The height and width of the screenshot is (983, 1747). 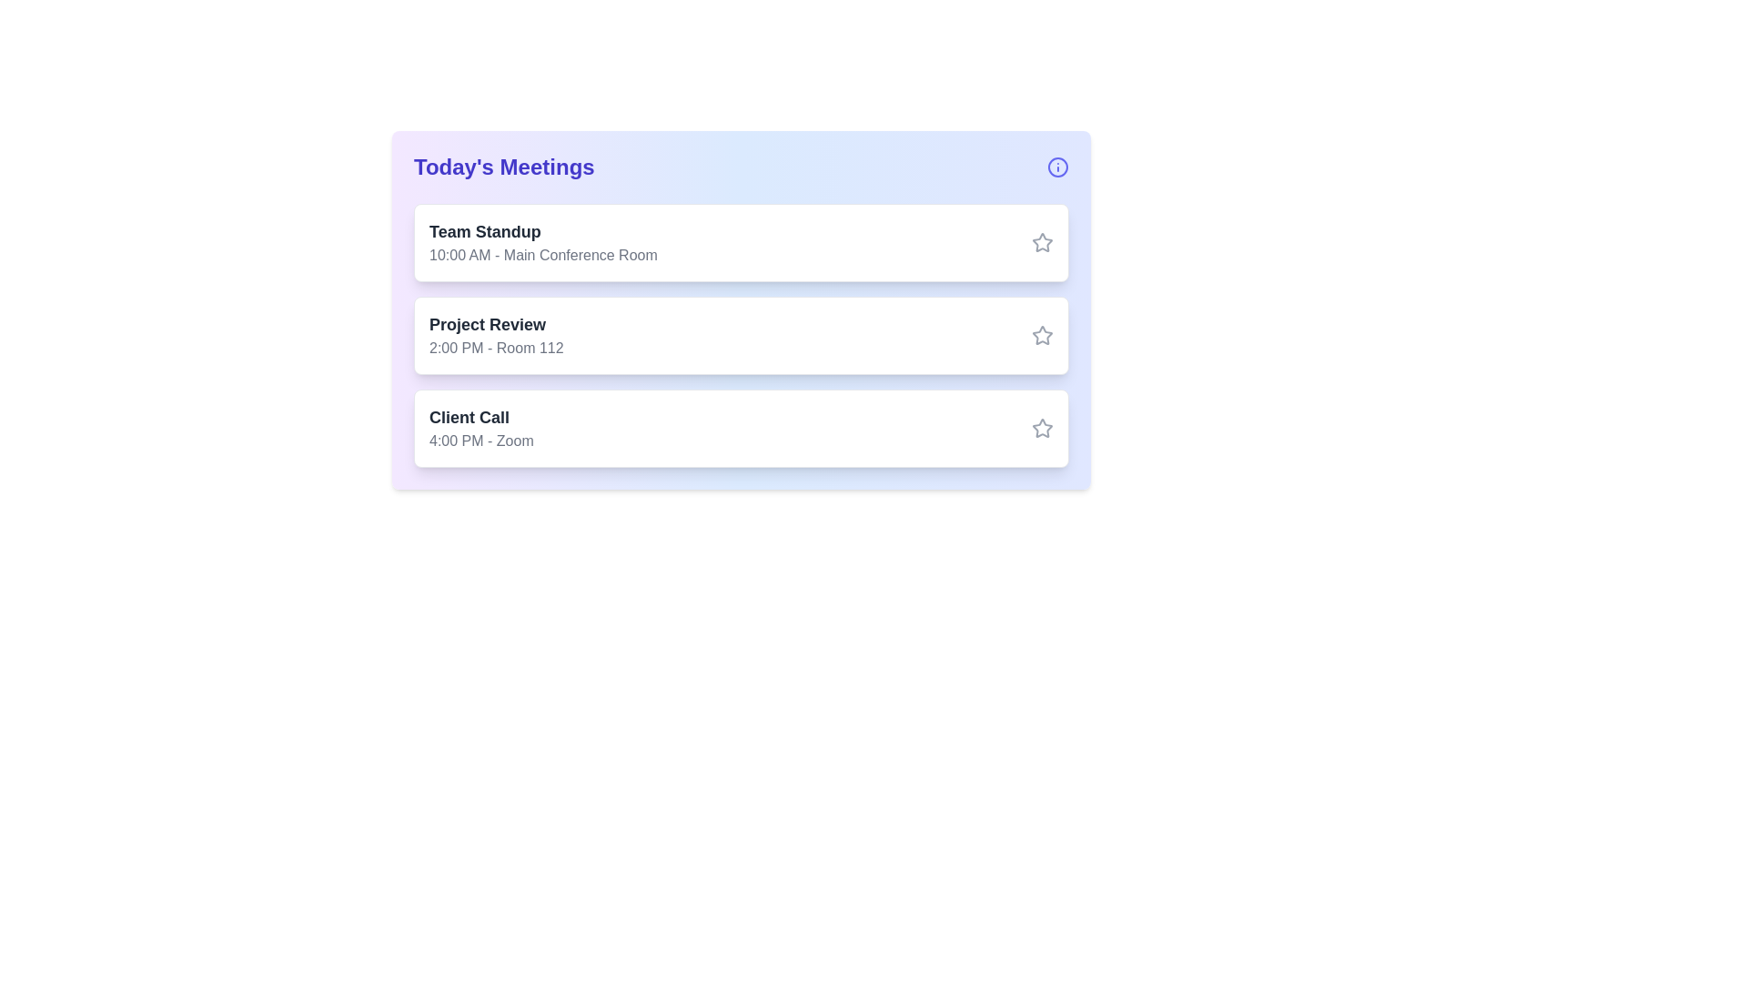 What do you see at coordinates (496, 348) in the screenshot?
I see `the time and location indicator text label for the 'Project Review' meeting, which is positioned below the meeting title and above the visual separation line` at bounding box center [496, 348].